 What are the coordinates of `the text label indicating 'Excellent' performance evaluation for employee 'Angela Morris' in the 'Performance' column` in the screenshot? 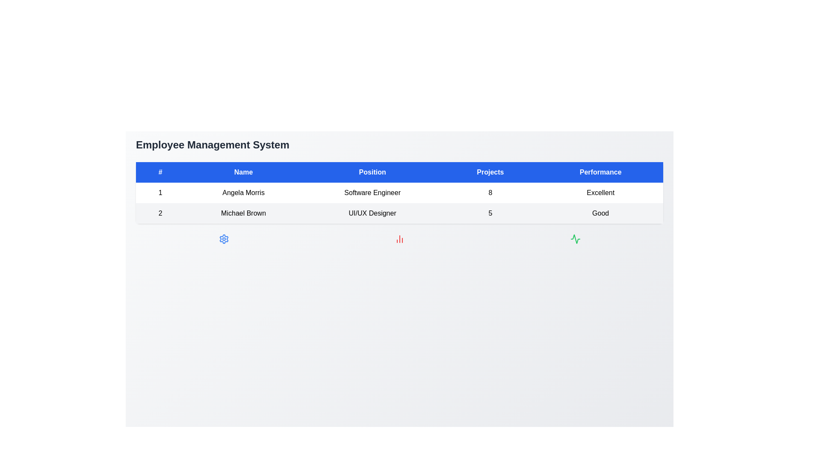 It's located at (600, 193).